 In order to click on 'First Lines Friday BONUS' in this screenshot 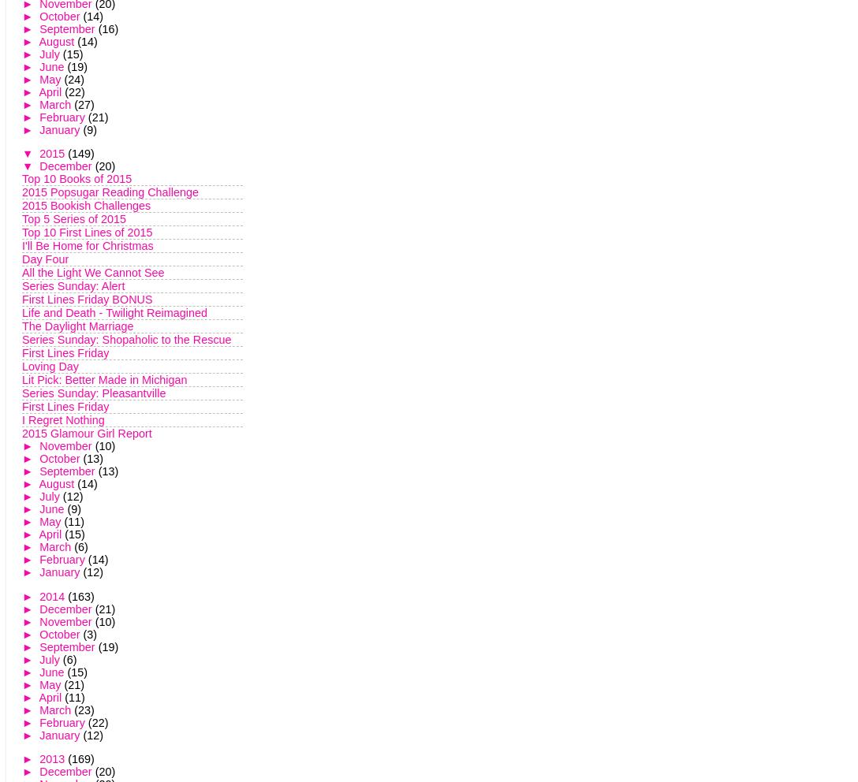, I will do `click(87, 300)`.